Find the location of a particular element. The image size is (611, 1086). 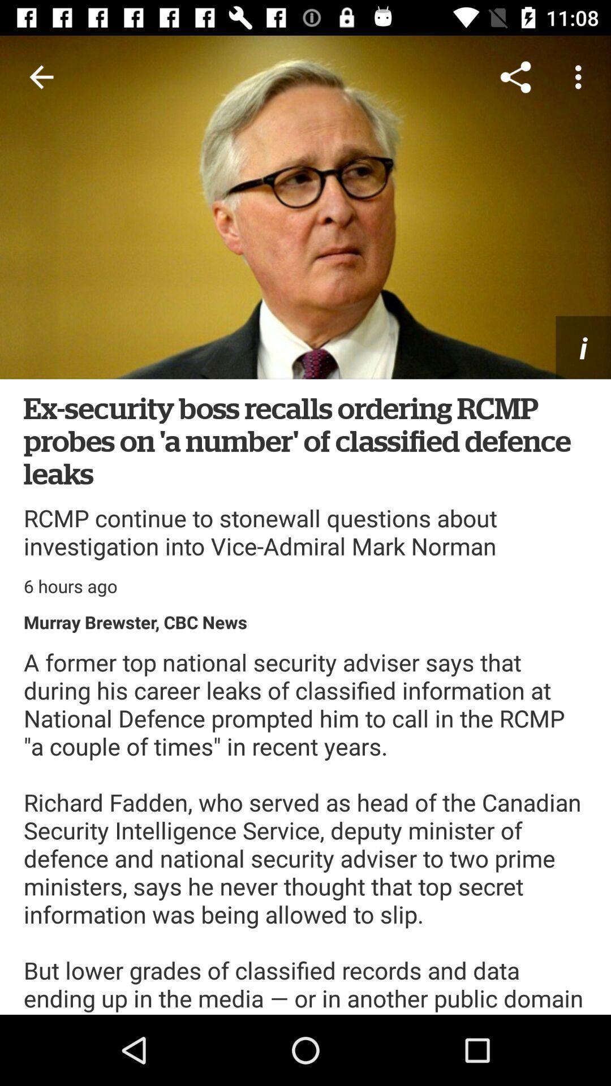

item above the murray brewster cbc is located at coordinates (70, 586).